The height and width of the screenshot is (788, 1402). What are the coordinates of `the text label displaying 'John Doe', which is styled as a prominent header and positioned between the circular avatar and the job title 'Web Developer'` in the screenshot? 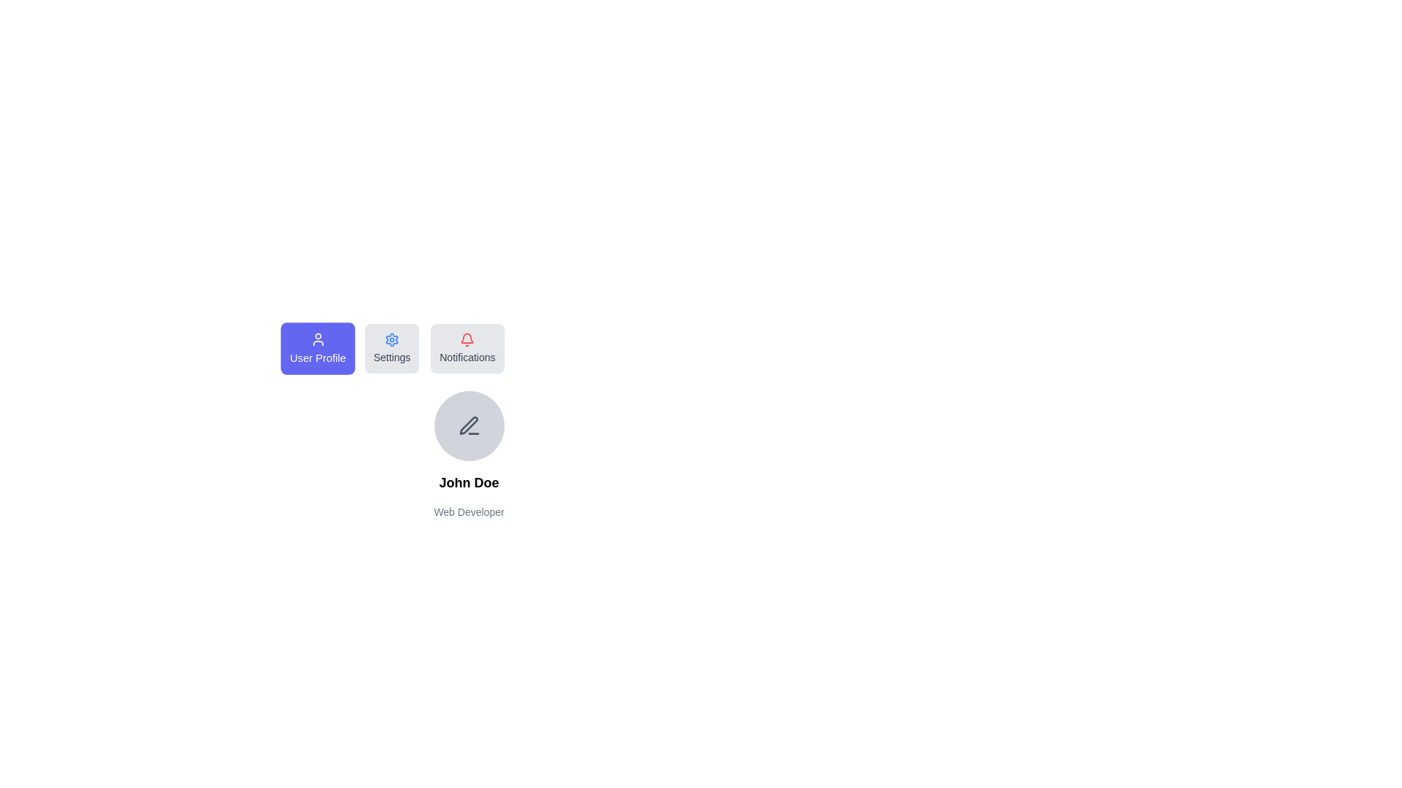 It's located at (469, 483).